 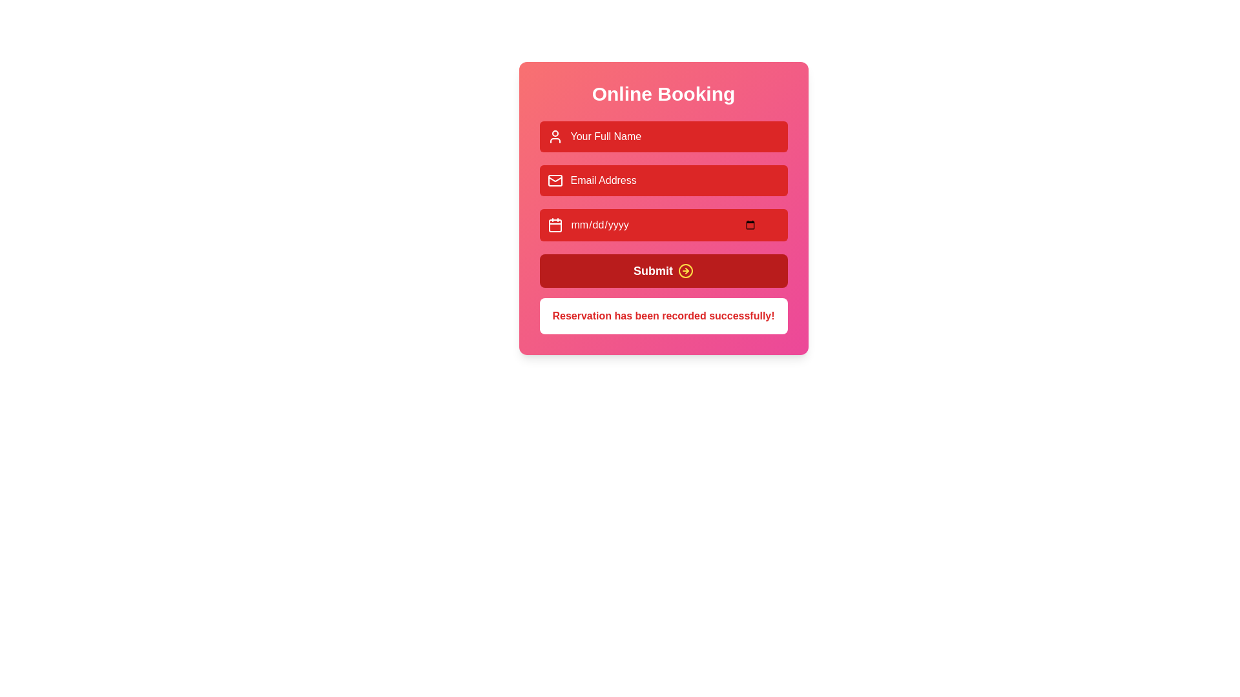 I want to click on the decorative email icon located at the top-left portion of the email address input field, which is the second input field in the vertical stack of the form, so click(x=555, y=181).